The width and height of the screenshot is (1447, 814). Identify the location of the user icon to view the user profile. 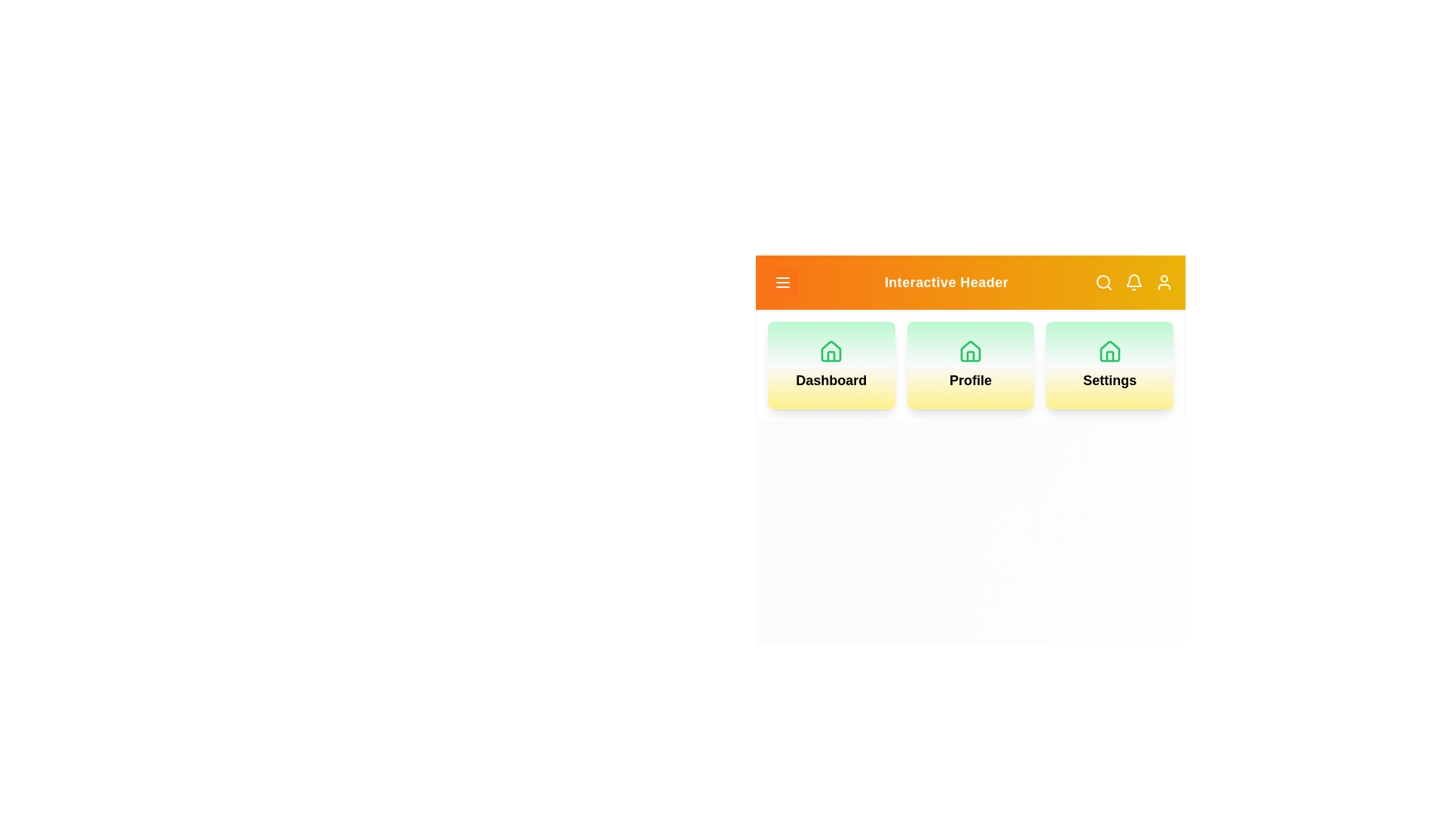
(1164, 282).